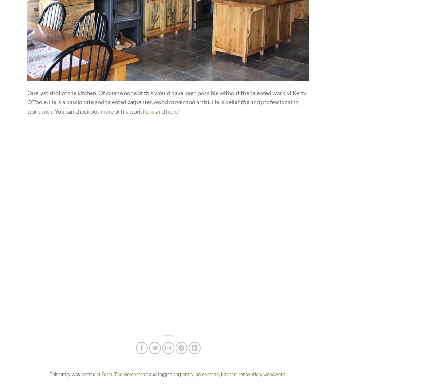 This screenshot has width=437, height=384. What do you see at coordinates (273, 373) in the screenshot?
I see `'woodwork'` at bounding box center [273, 373].